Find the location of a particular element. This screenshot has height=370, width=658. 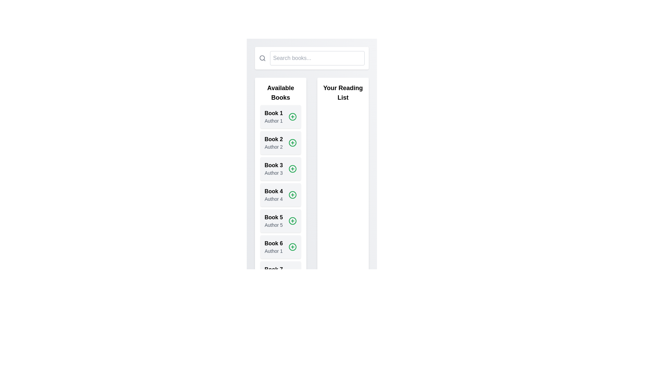

the text element displaying 'Author 4', which is located directly below the title 'Book 4' in the 'Available Books' section is located at coordinates (273, 199).